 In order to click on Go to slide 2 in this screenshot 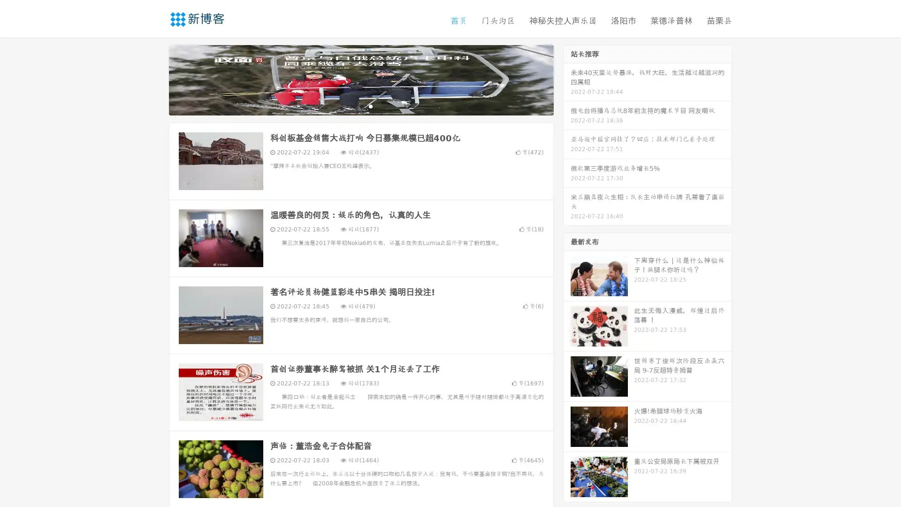, I will do `click(360, 106)`.